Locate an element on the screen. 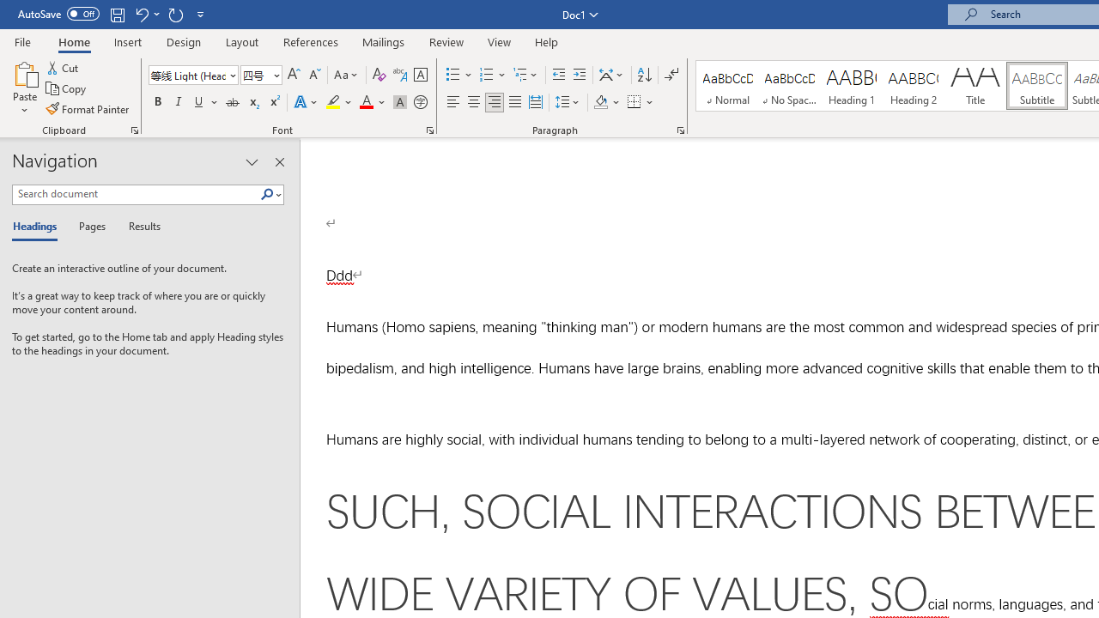  'Quick Access Toolbar' is located at coordinates (112, 14).